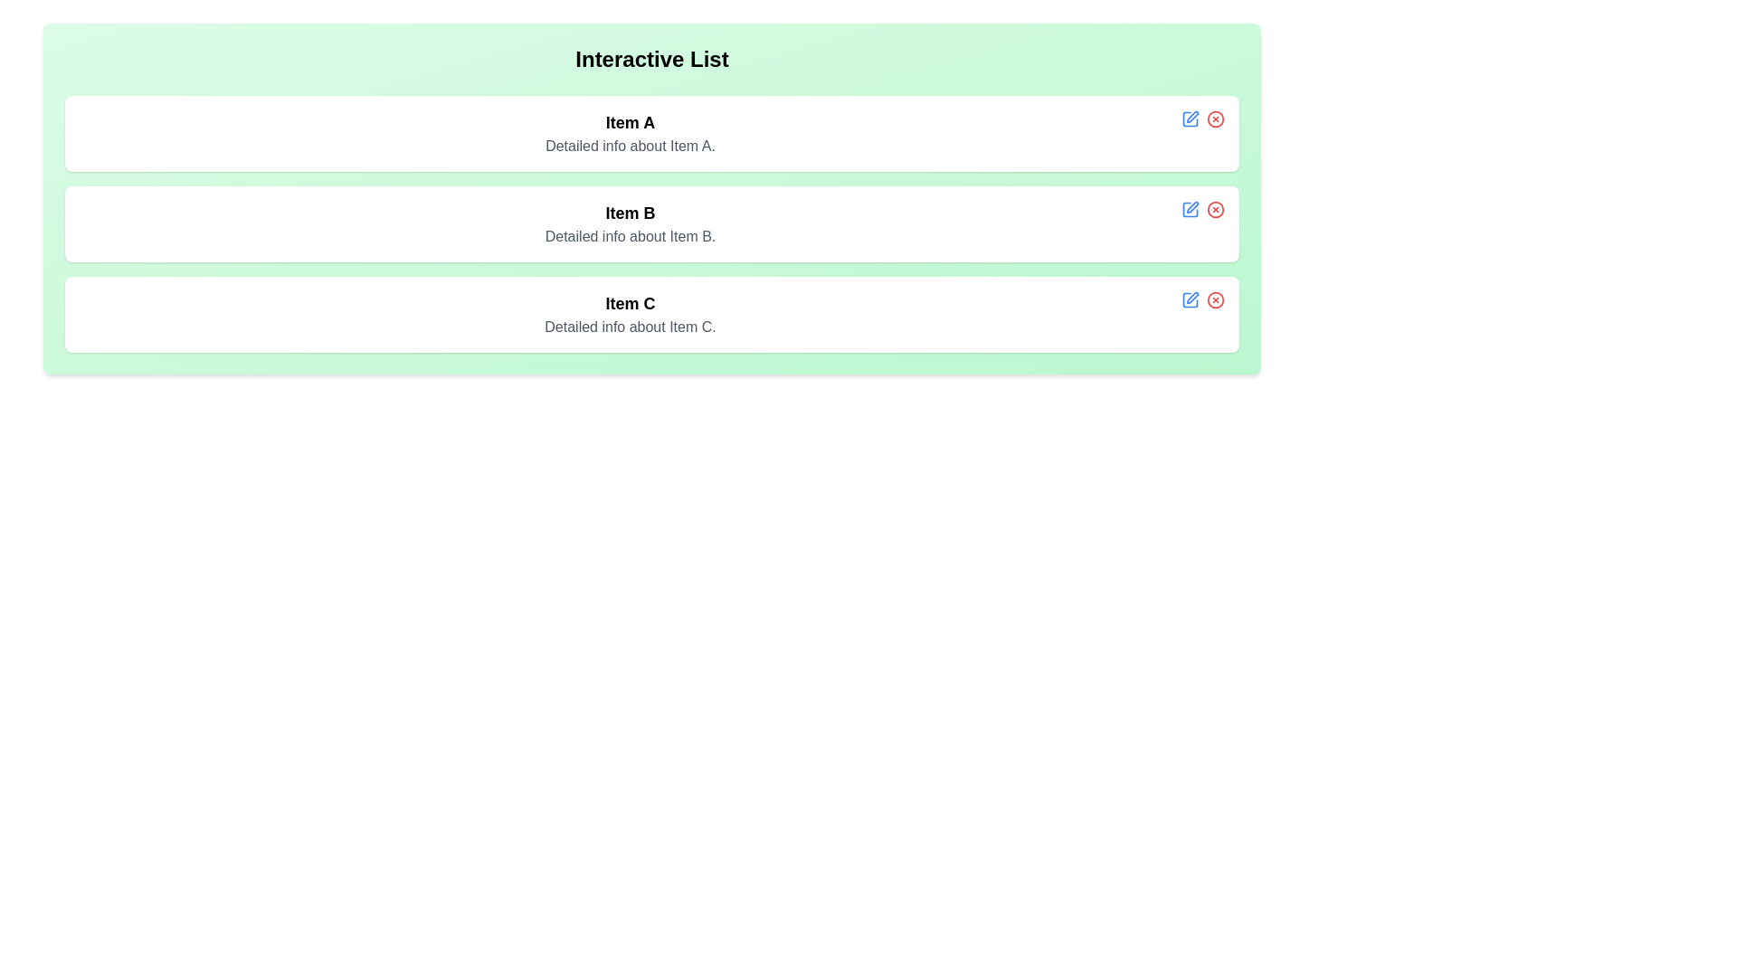 The width and height of the screenshot is (1737, 977). Describe the element at coordinates (630, 327) in the screenshot. I see `the Text Display element that shows 'Detailed info about Item C.' styled in gray, positioned below the title 'Item C'` at that location.